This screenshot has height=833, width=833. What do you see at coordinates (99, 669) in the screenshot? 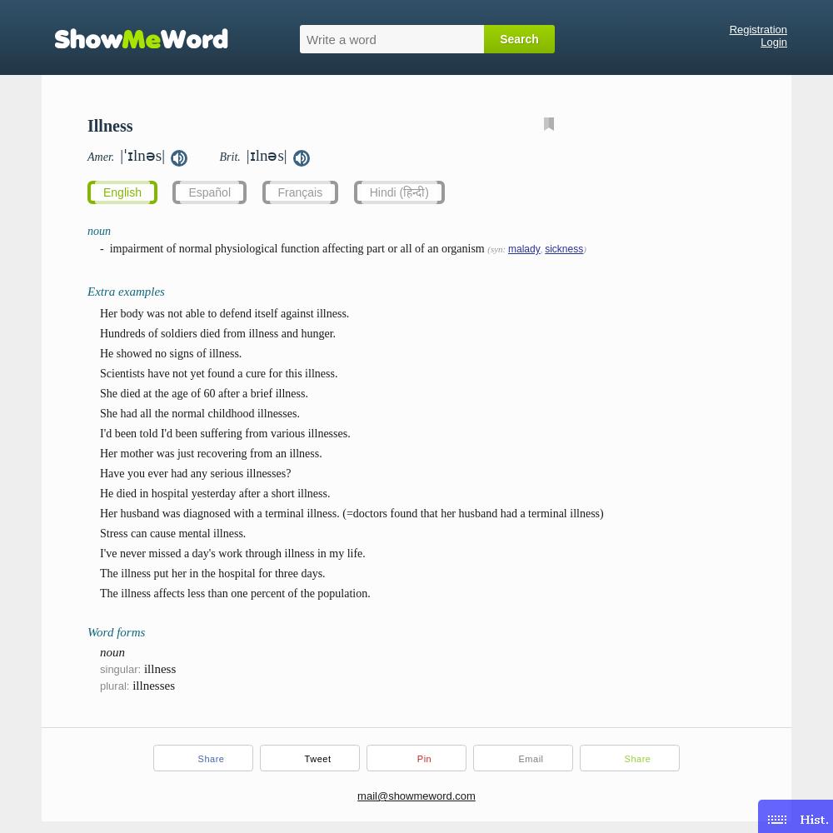
I see `'singular:'` at bounding box center [99, 669].